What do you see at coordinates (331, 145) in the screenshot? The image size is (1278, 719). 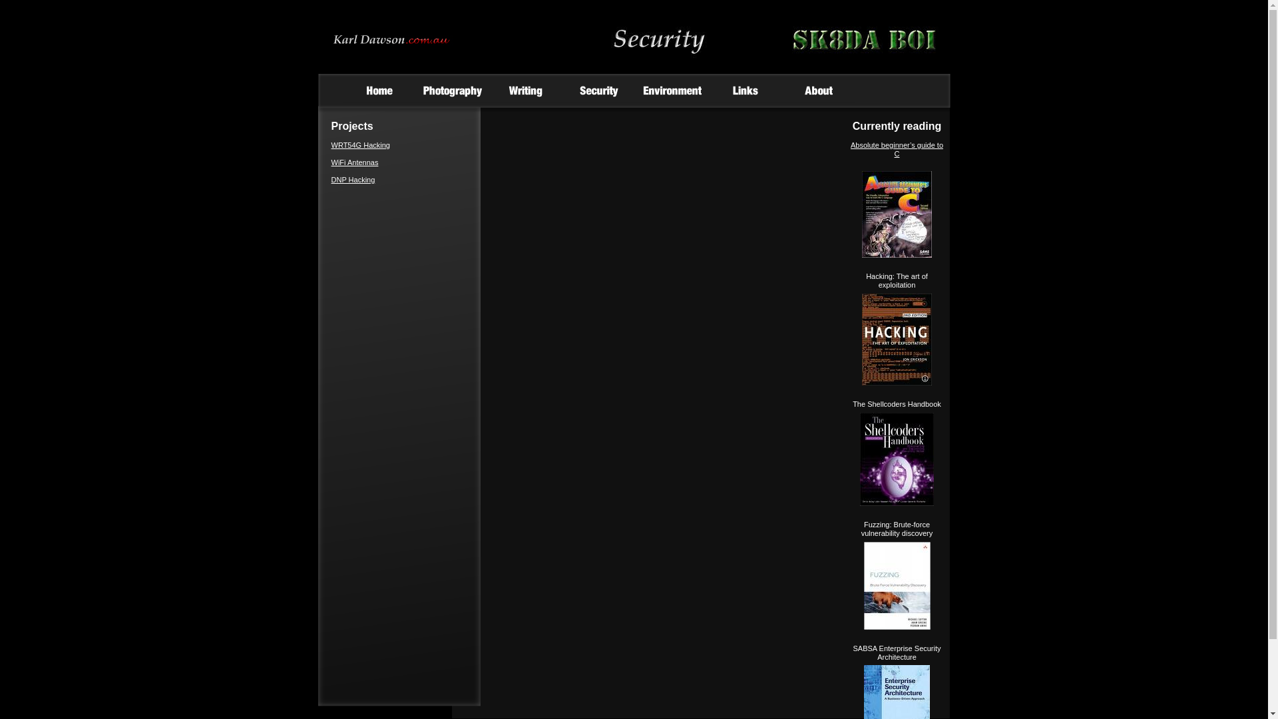 I see `'WRT54G Hacking'` at bounding box center [331, 145].